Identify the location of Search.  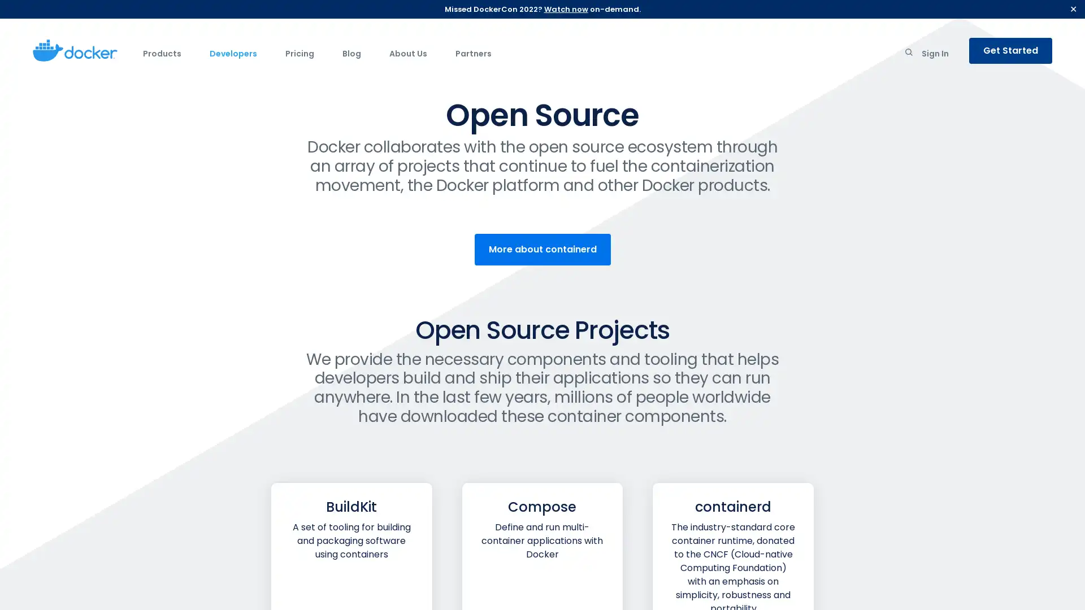
(909, 54).